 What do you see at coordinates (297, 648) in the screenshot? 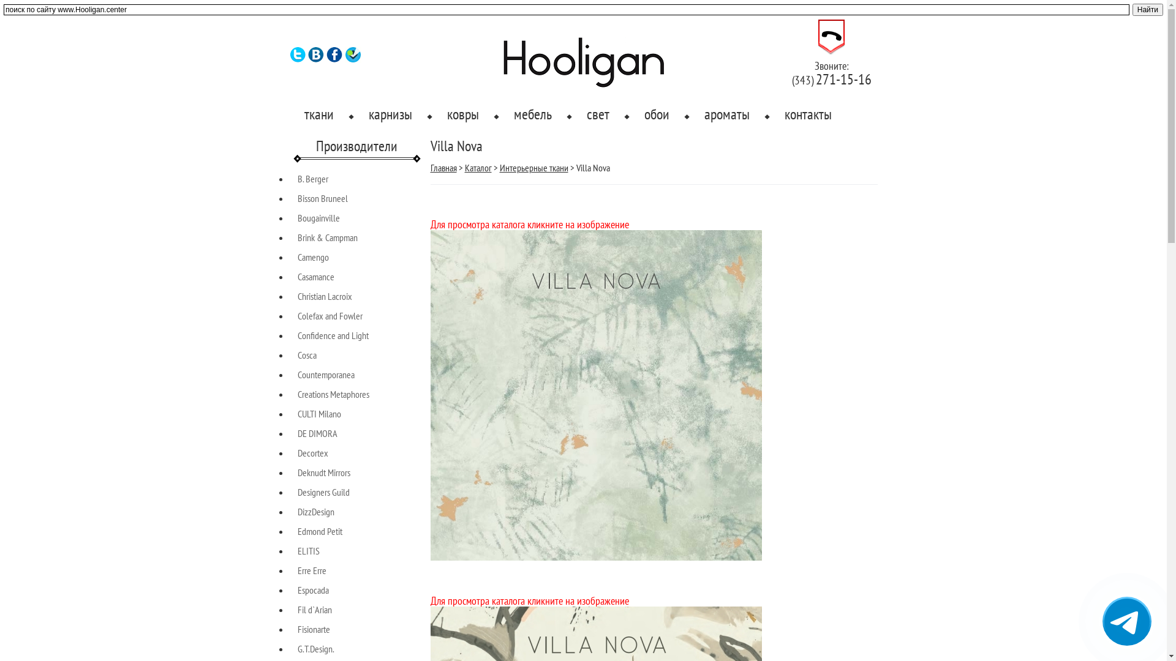
I see `'G.T.Design.'` at bounding box center [297, 648].